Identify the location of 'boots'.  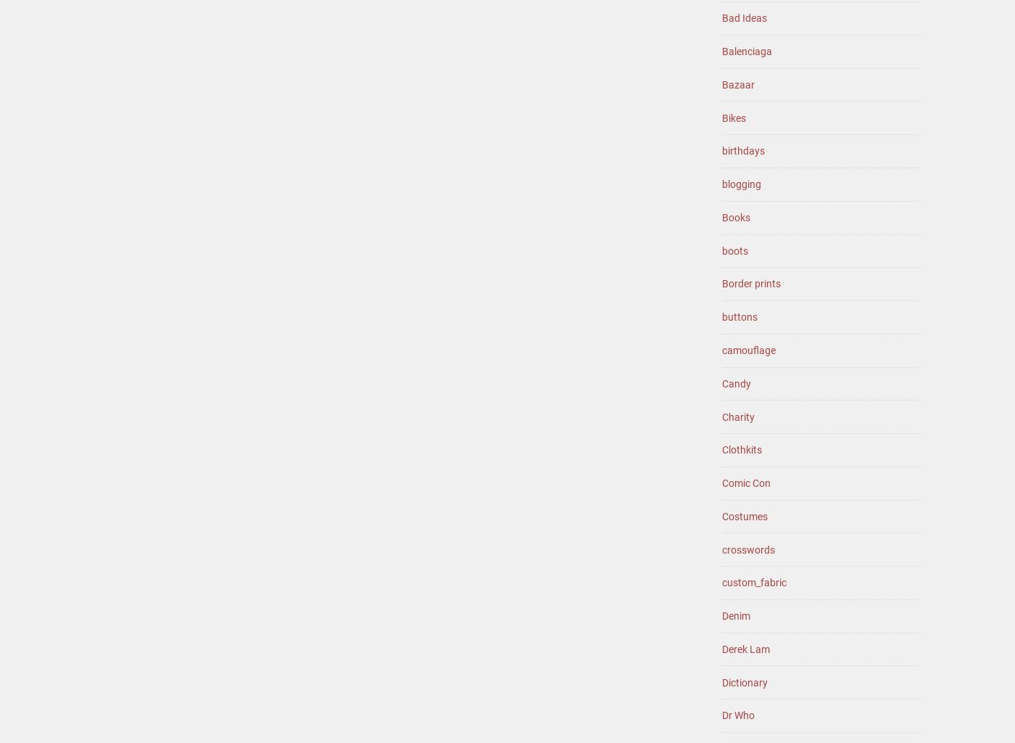
(735, 250).